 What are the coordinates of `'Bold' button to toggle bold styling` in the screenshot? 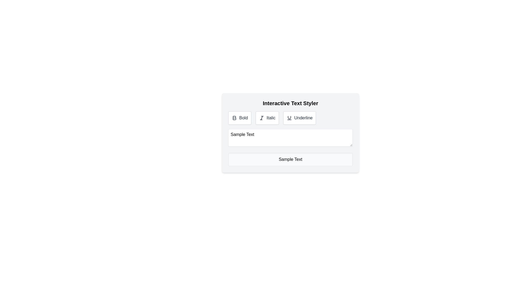 It's located at (239, 117).